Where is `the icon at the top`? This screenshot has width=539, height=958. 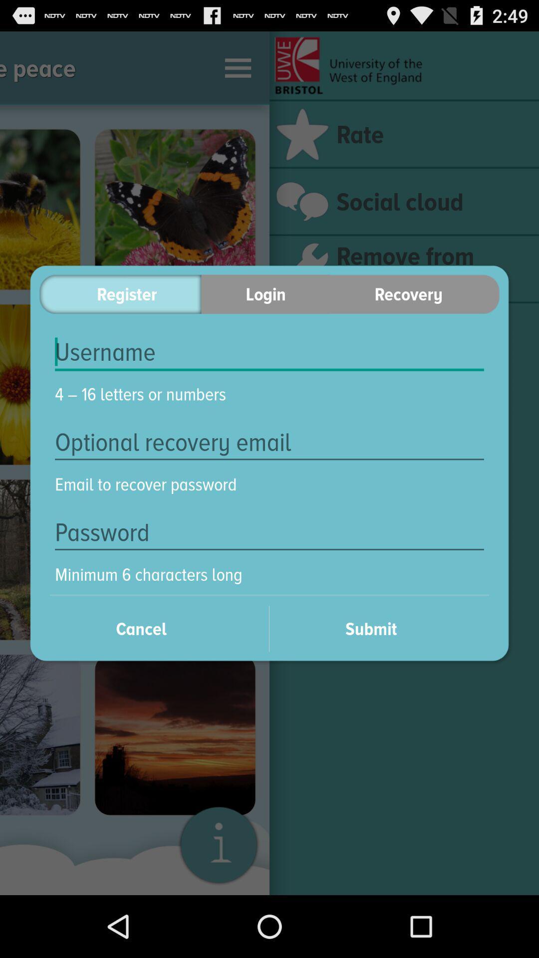
the icon at the top is located at coordinates (265, 293).